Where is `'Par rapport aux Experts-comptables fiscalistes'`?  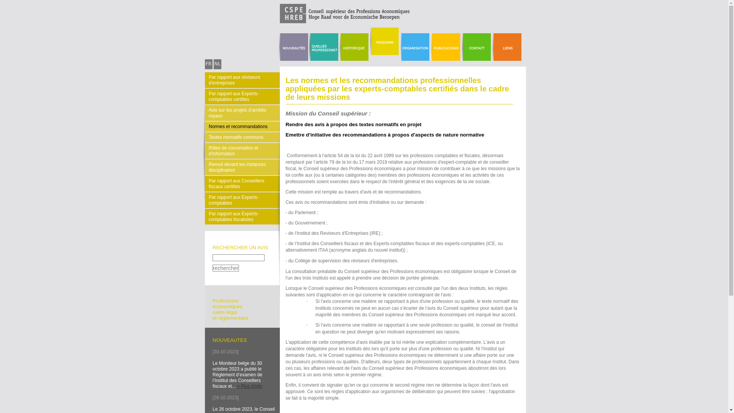
'Par rapport aux Experts-comptables fiscalistes' is located at coordinates (205, 216).